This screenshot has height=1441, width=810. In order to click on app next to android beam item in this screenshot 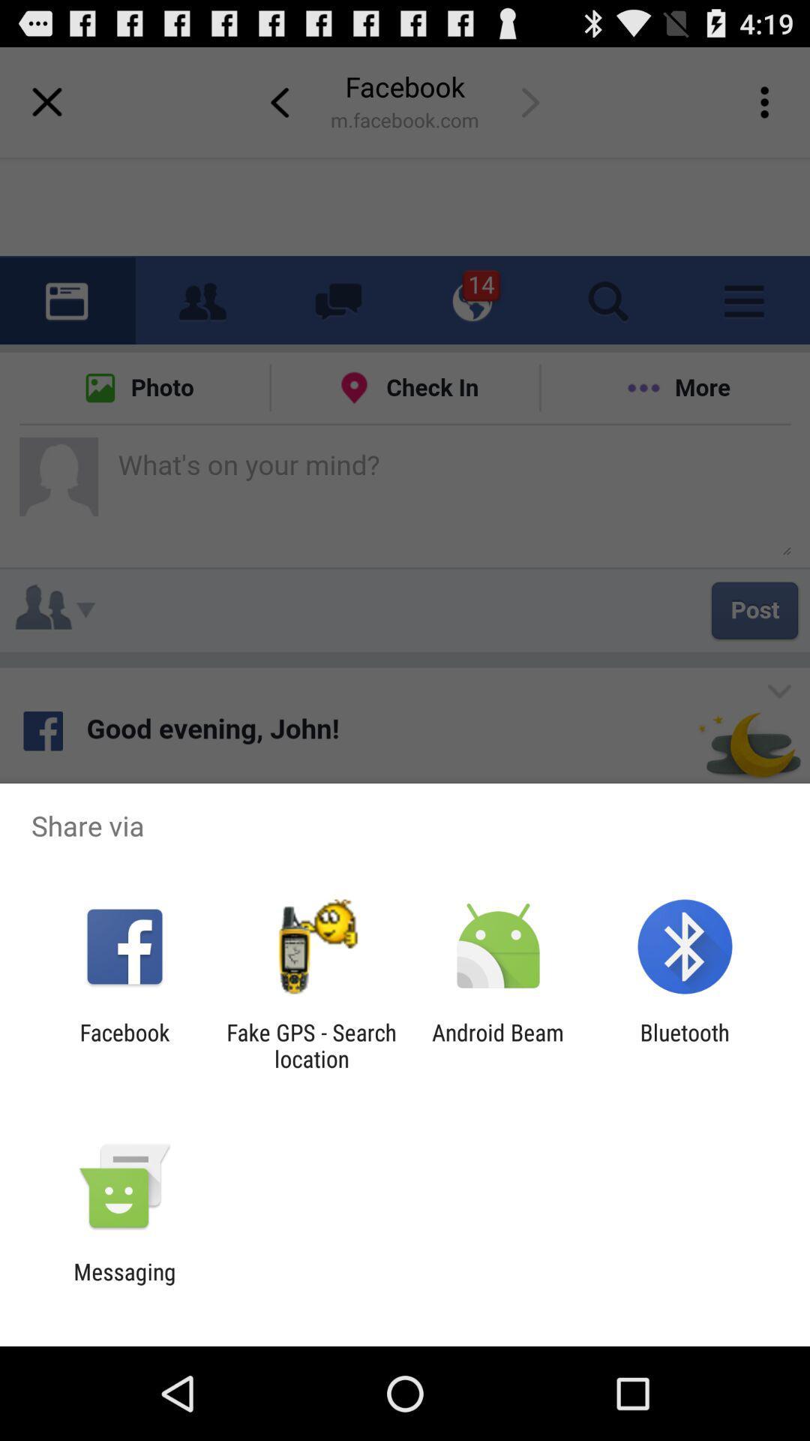, I will do `click(685, 1045)`.